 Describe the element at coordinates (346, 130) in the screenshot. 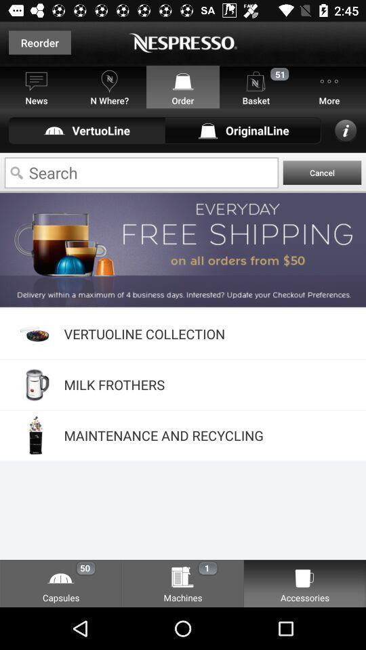

I see `the info icon` at that location.